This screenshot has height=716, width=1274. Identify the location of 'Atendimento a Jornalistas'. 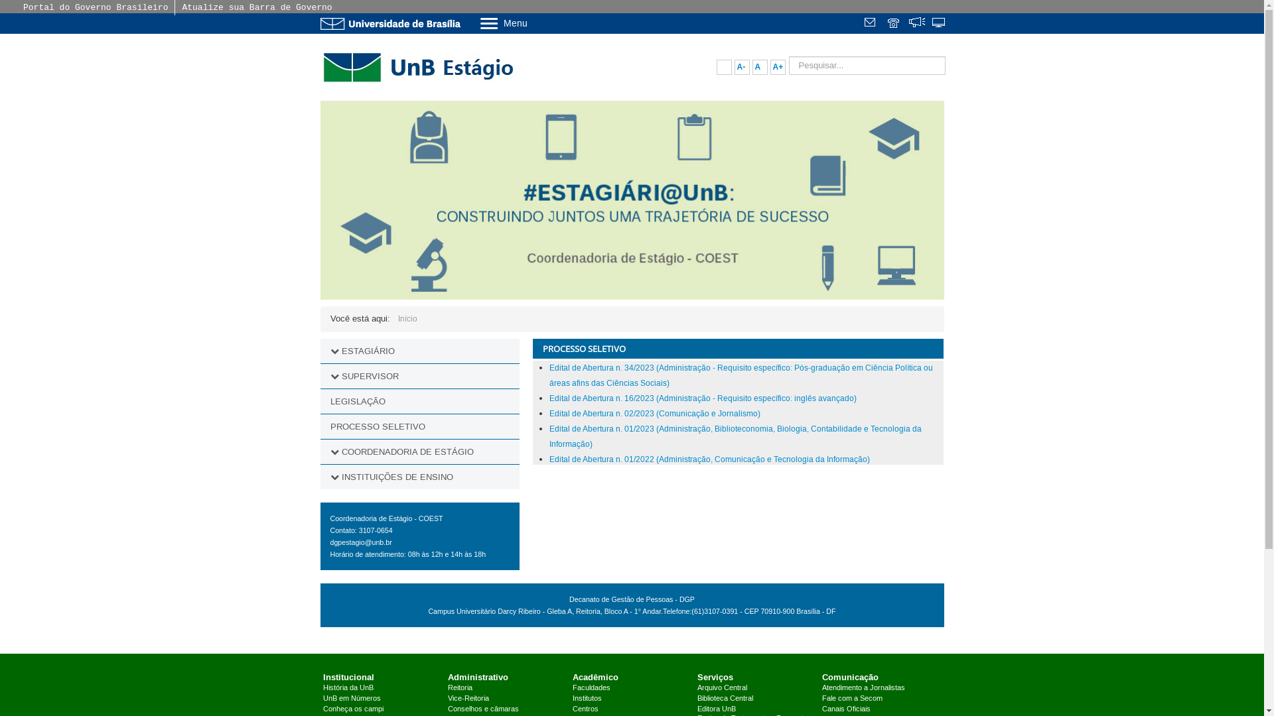
(863, 687).